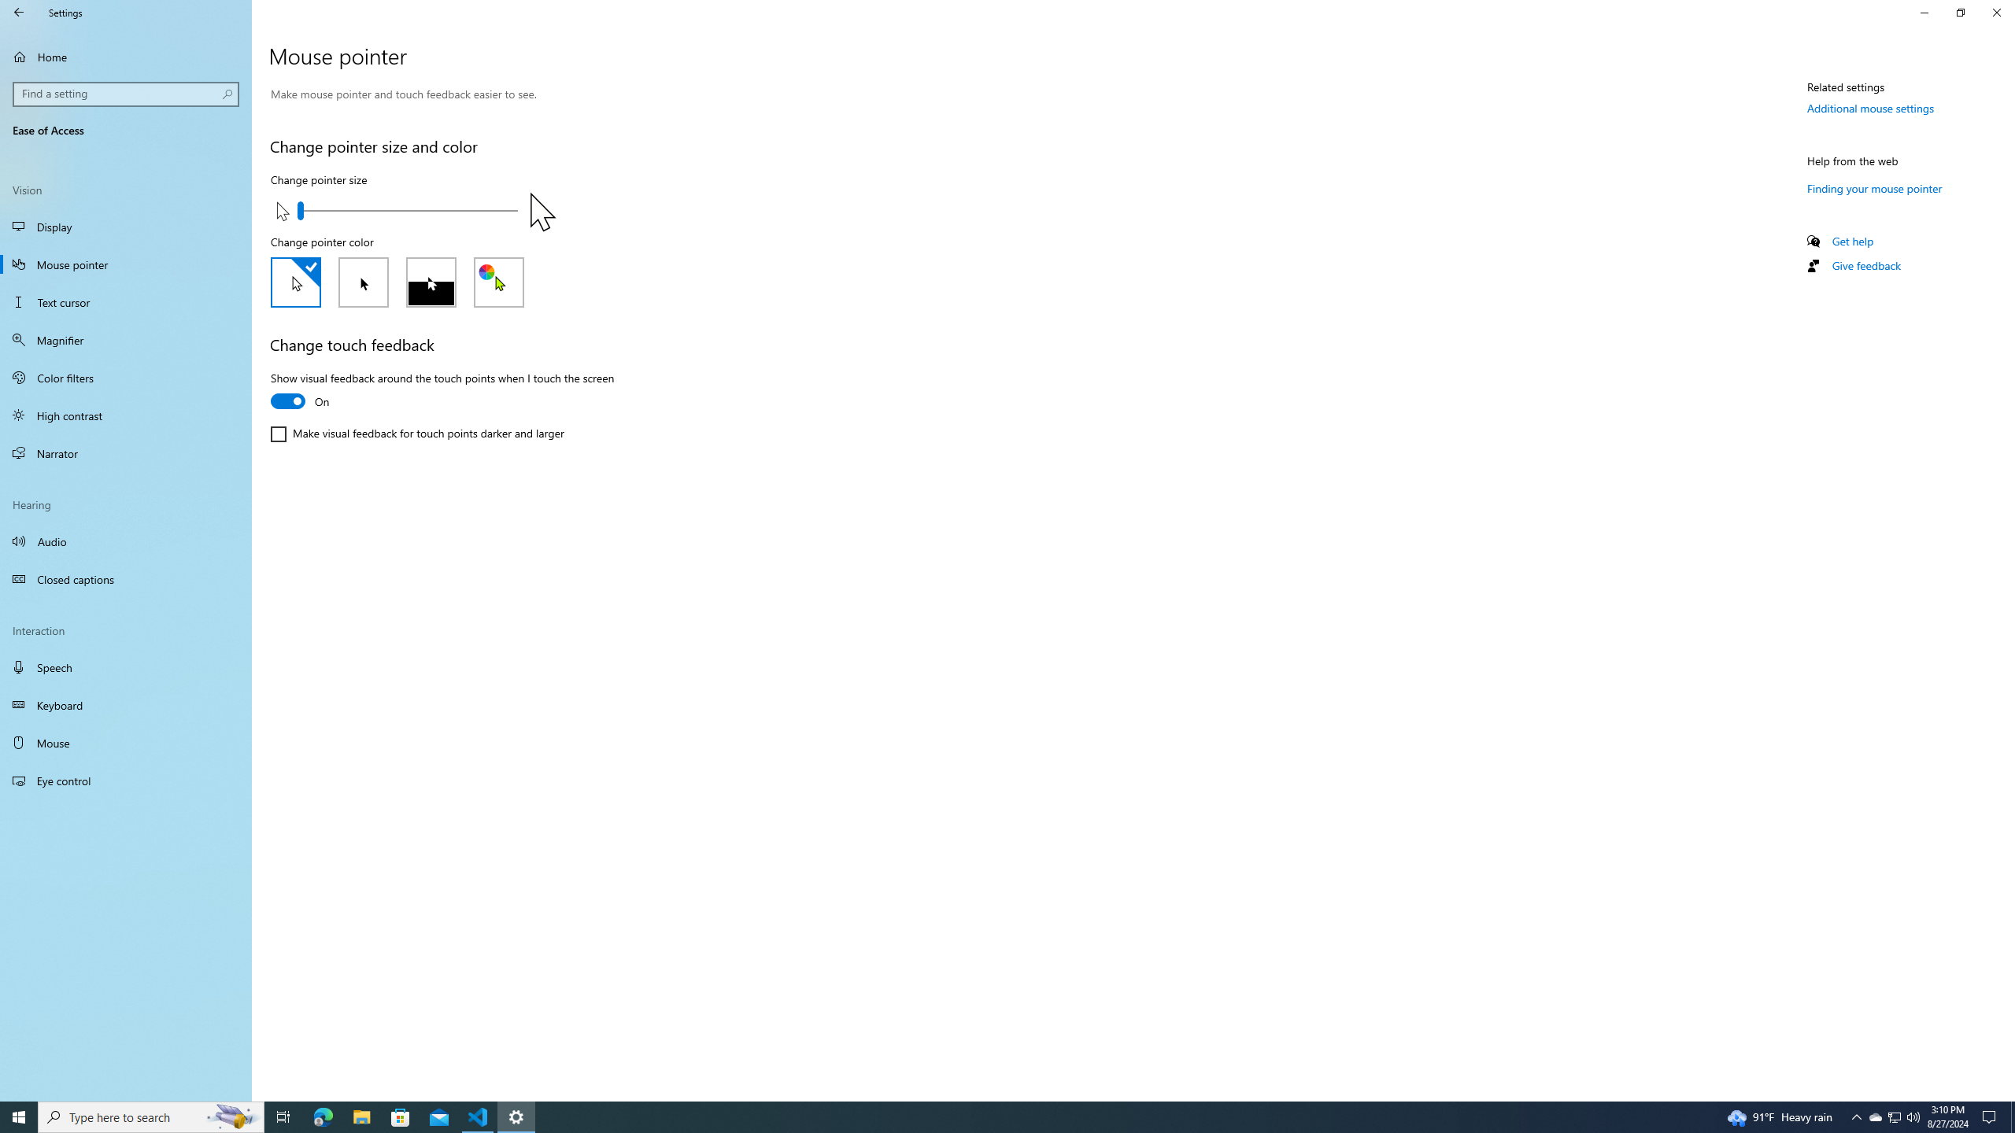 The image size is (2015, 1133). Describe the element at coordinates (1874, 187) in the screenshot. I see `'Finding your mouse pointer'` at that location.